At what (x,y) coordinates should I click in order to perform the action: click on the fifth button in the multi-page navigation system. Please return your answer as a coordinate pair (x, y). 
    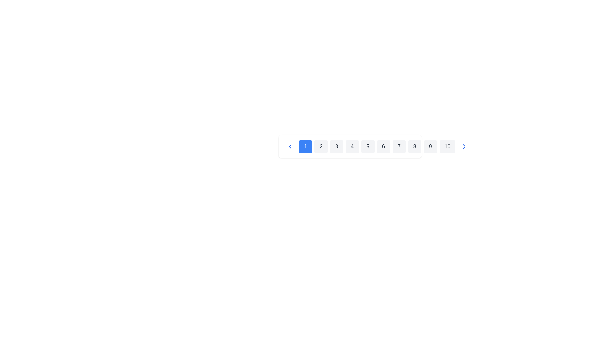
    Looking at the image, I should click on (368, 147).